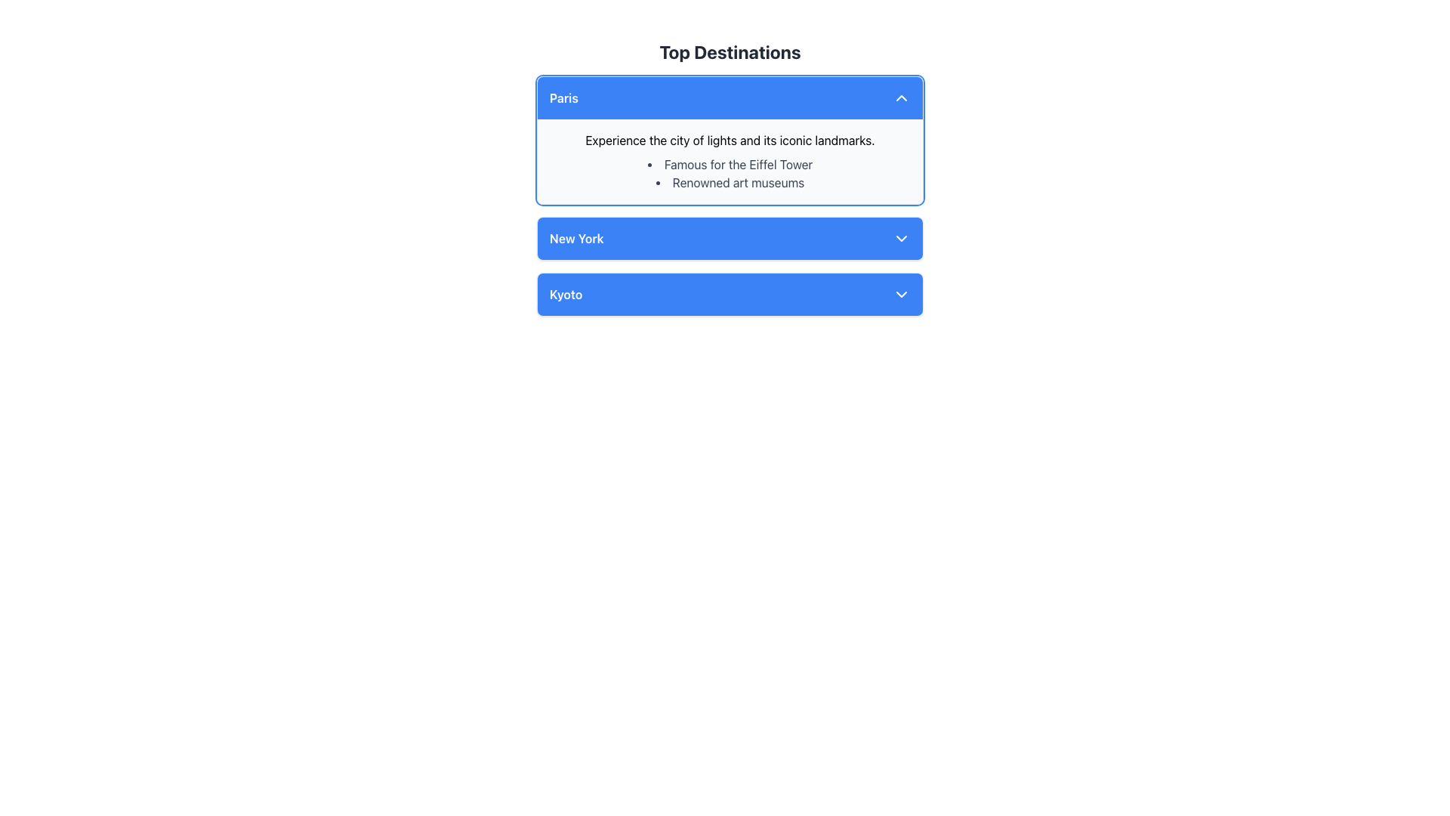 Image resolution: width=1450 pixels, height=816 pixels. I want to click on the text line that reads 'Renowned art museums.' which is the second item in a bulleted list under the 'Paris' section, so click(730, 182).